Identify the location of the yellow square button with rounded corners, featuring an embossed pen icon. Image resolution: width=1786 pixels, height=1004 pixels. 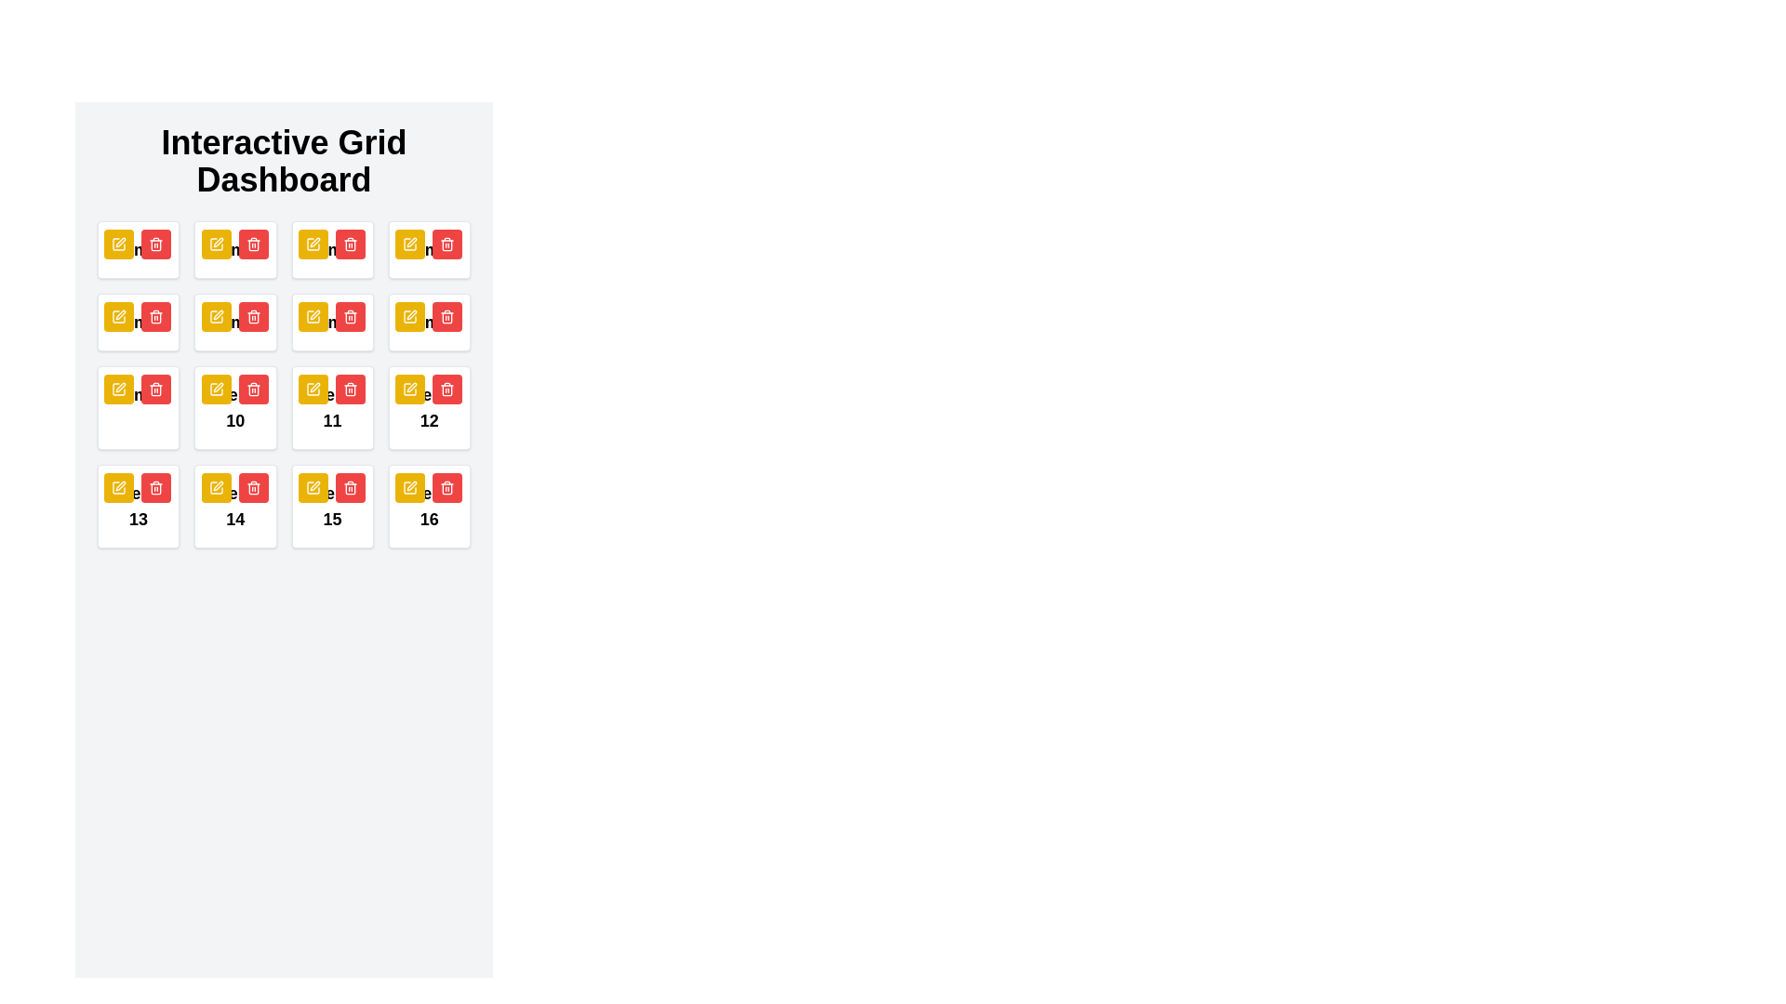
(216, 486).